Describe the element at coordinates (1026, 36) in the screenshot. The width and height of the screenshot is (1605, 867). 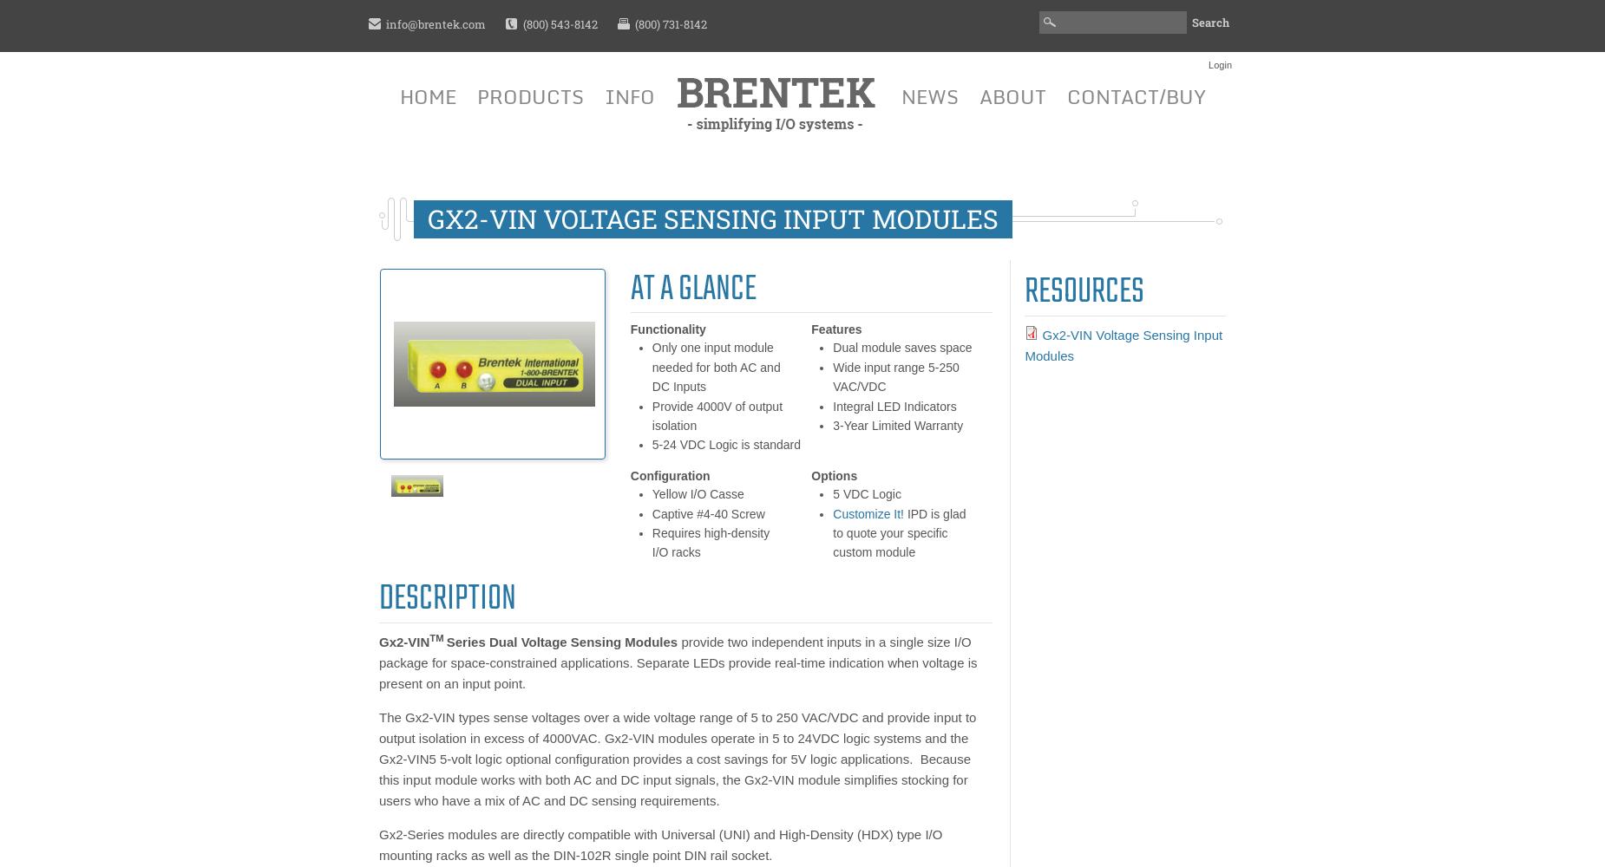
I see `'Search form'` at that location.